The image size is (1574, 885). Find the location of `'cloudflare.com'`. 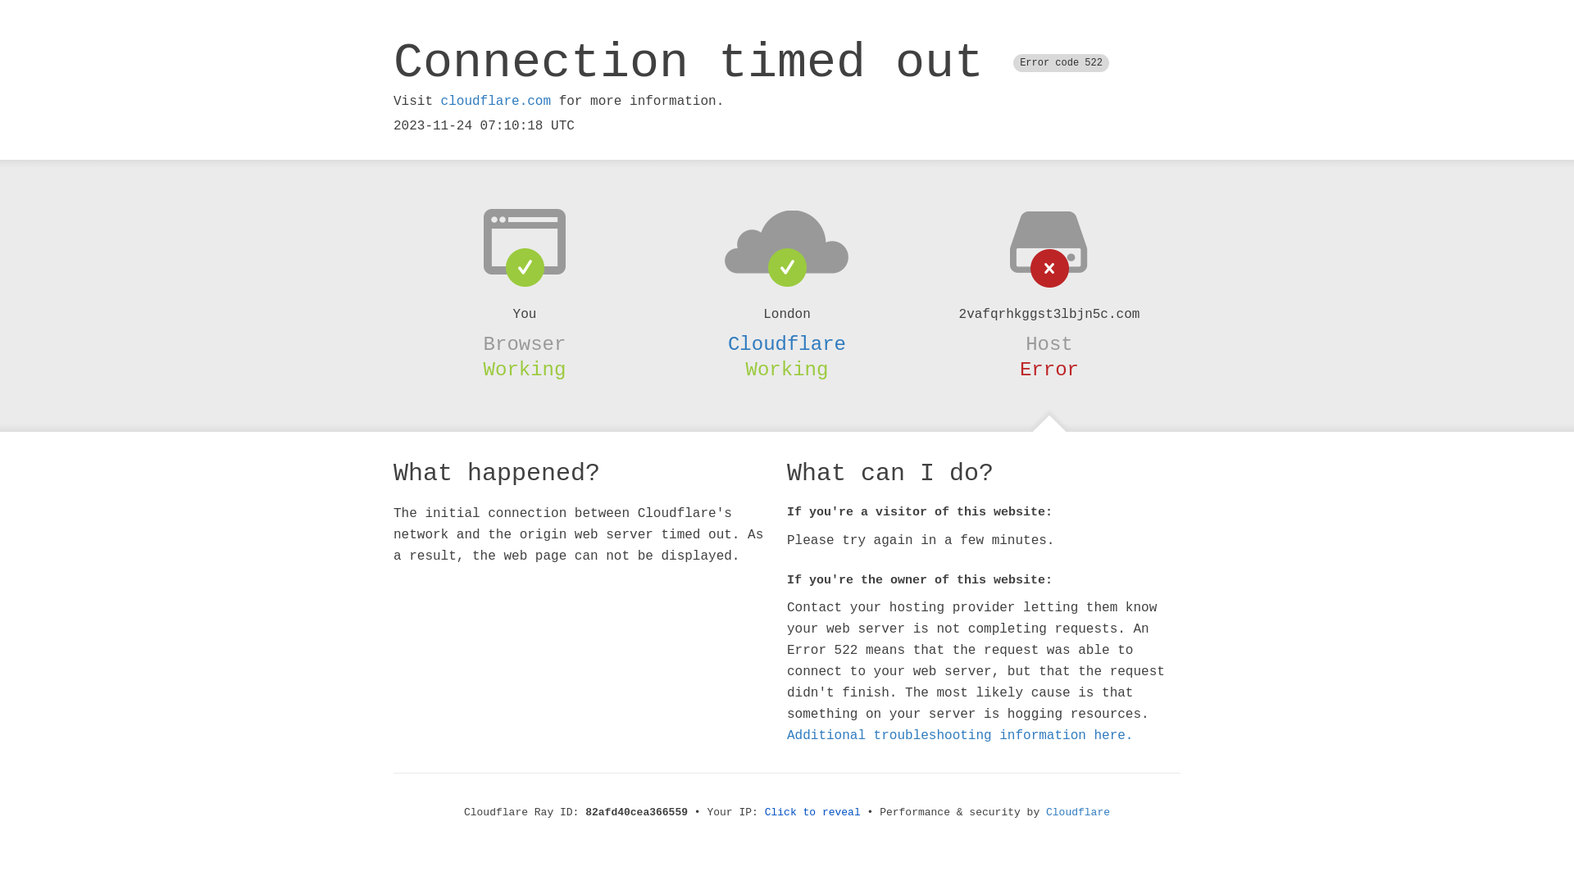

'cloudflare.com' is located at coordinates (494, 101).